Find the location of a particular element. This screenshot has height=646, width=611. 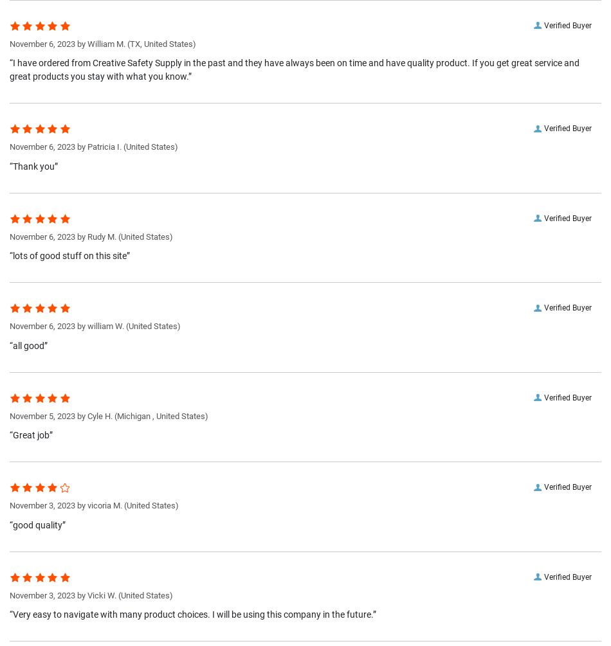

'“all good”' is located at coordinates (28, 344).